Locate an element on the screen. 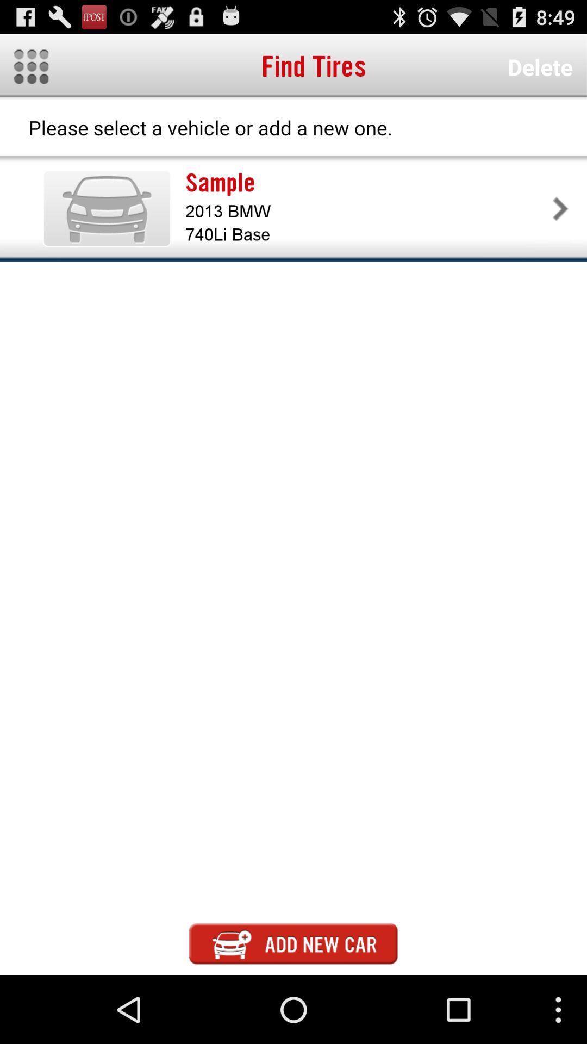  icon below the sample item is located at coordinates (367, 211).